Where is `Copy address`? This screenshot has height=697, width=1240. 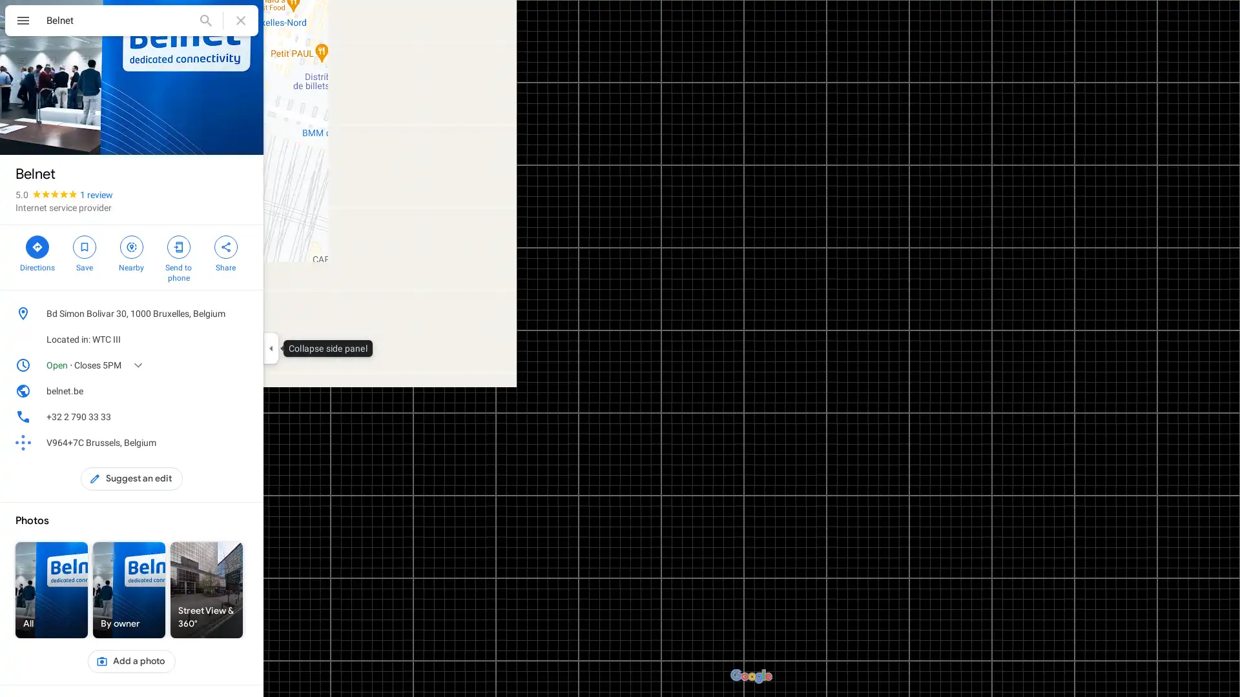
Copy address is located at coordinates (242, 314).